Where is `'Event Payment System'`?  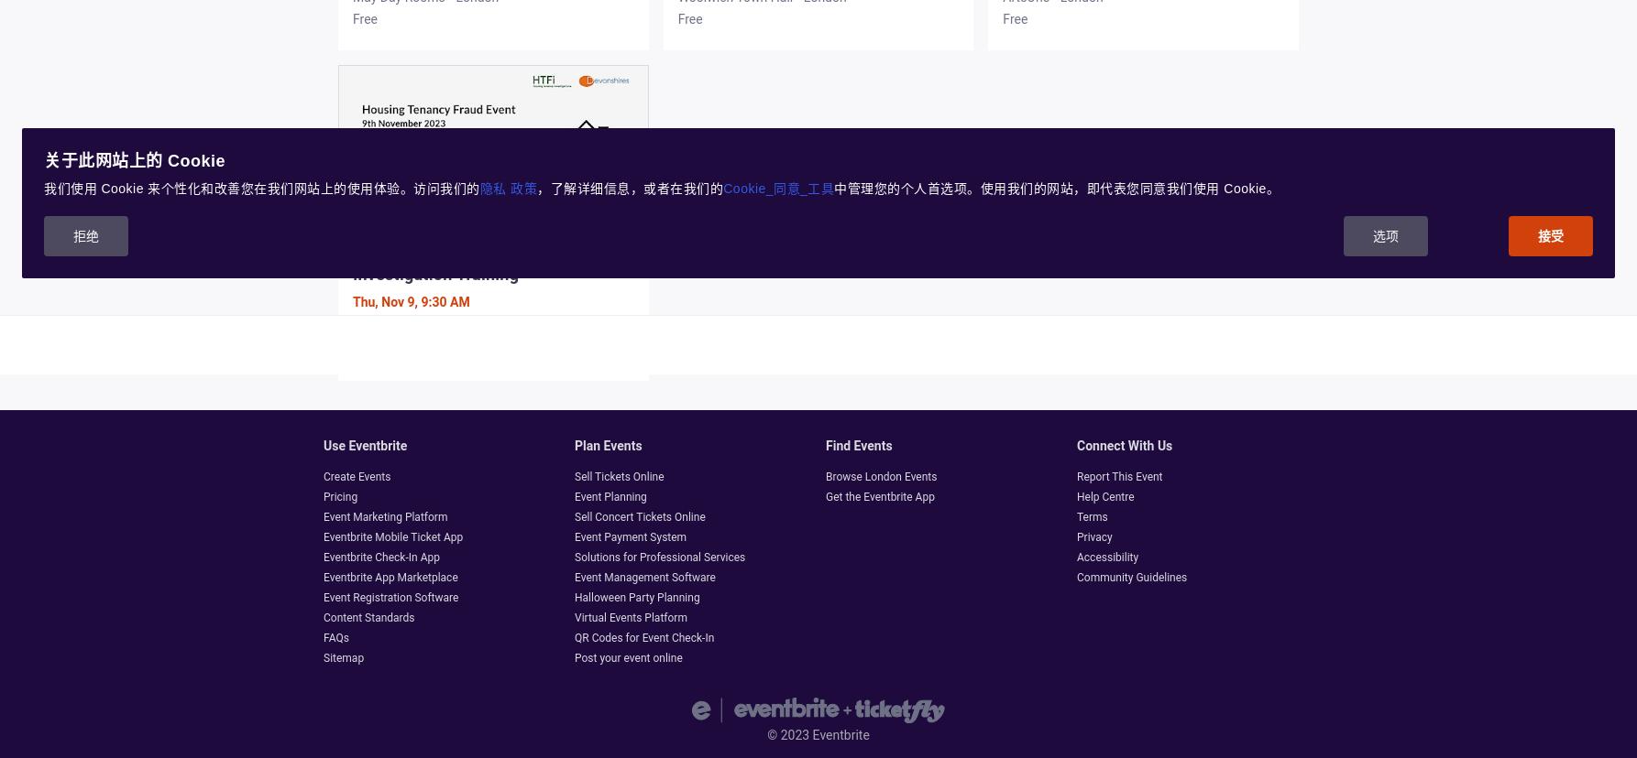
'Event Payment System' is located at coordinates (575, 536).